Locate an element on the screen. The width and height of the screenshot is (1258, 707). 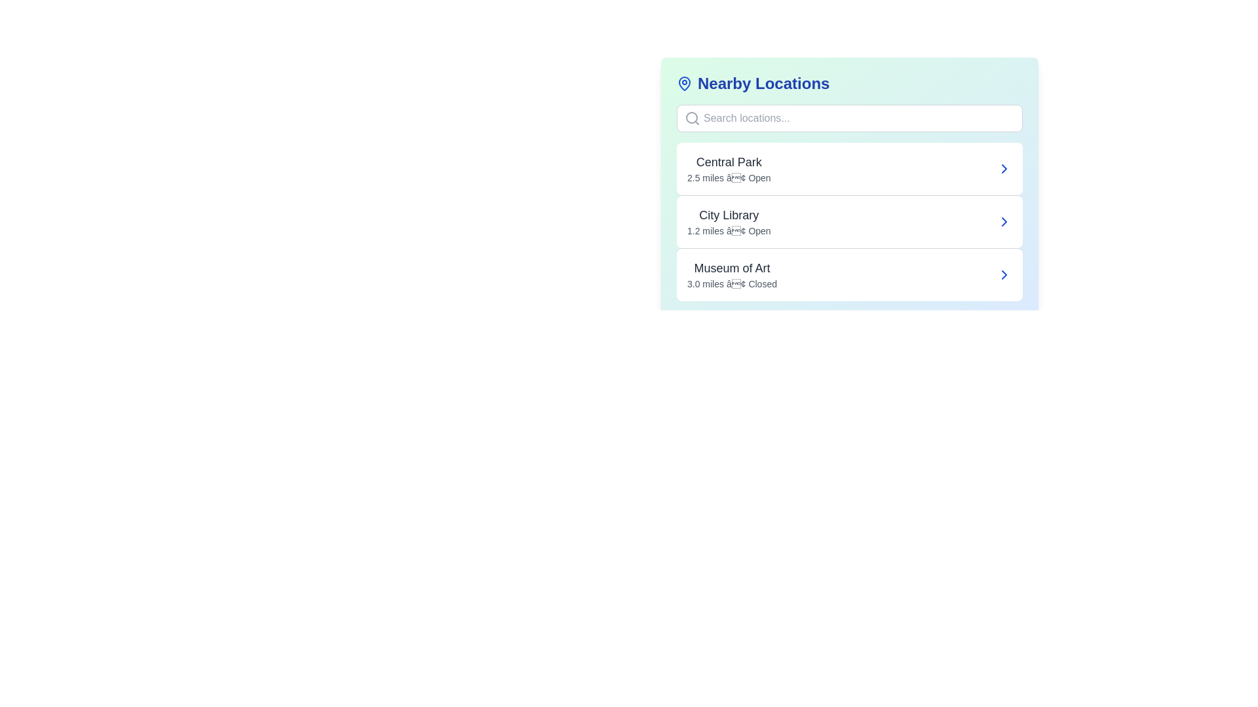
the text label indicating the distance ('3.0 miles') and status ('Closed') for the location 'Museum of Art', which is the third in the vertical list of distance-status descriptions is located at coordinates (731, 283).